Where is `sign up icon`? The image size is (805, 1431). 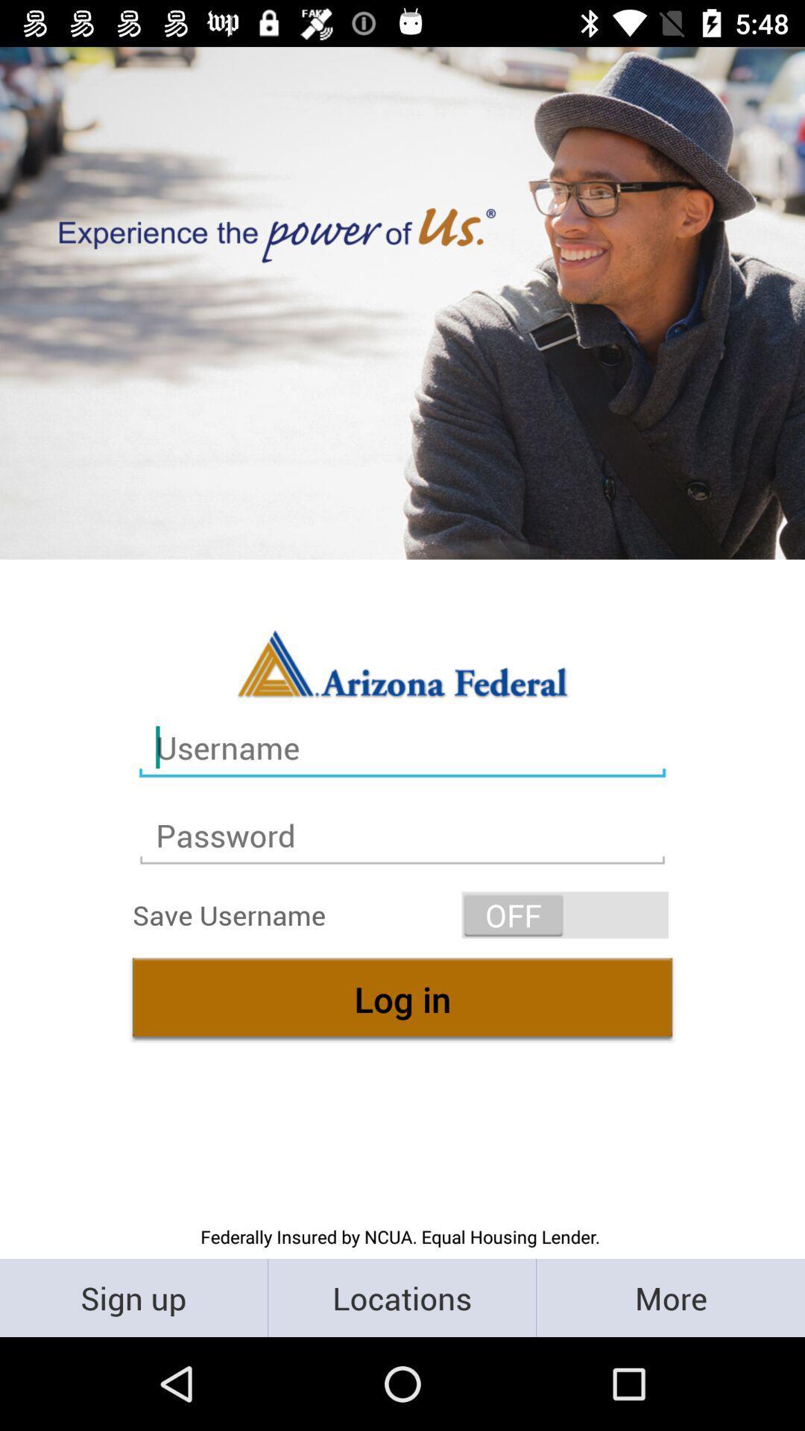 sign up icon is located at coordinates (133, 1297).